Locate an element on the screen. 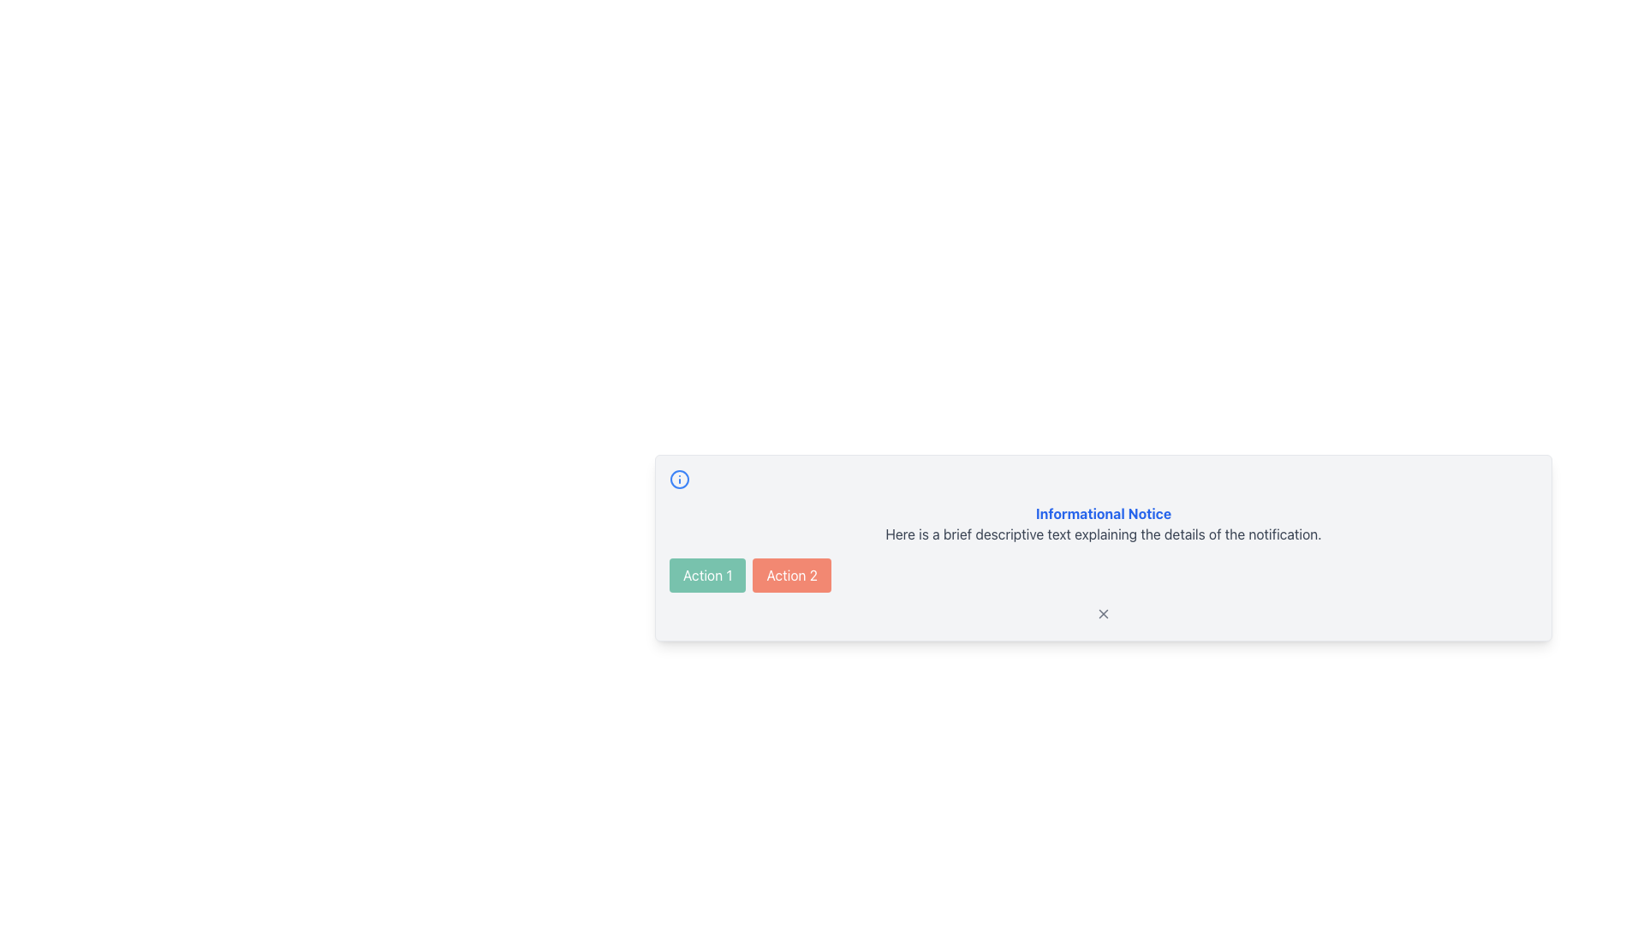  the static text label located below the bold blue title 'Informational Notice' in the notification card is located at coordinates (1104, 534).